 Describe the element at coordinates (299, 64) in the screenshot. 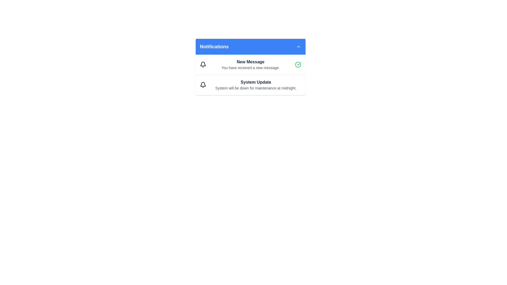

I see `the checkmark icon indicating a successful status for the 'New Message' notification located at the far-right side of the notification row` at that location.